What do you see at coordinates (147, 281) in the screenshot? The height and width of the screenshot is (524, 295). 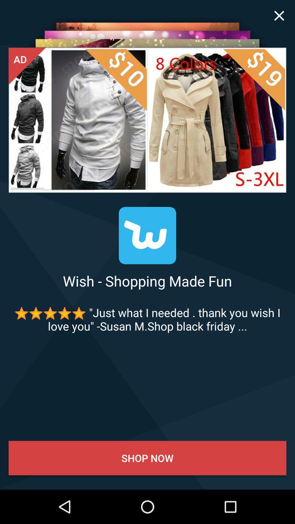 I see `wish shopping made` at bounding box center [147, 281].